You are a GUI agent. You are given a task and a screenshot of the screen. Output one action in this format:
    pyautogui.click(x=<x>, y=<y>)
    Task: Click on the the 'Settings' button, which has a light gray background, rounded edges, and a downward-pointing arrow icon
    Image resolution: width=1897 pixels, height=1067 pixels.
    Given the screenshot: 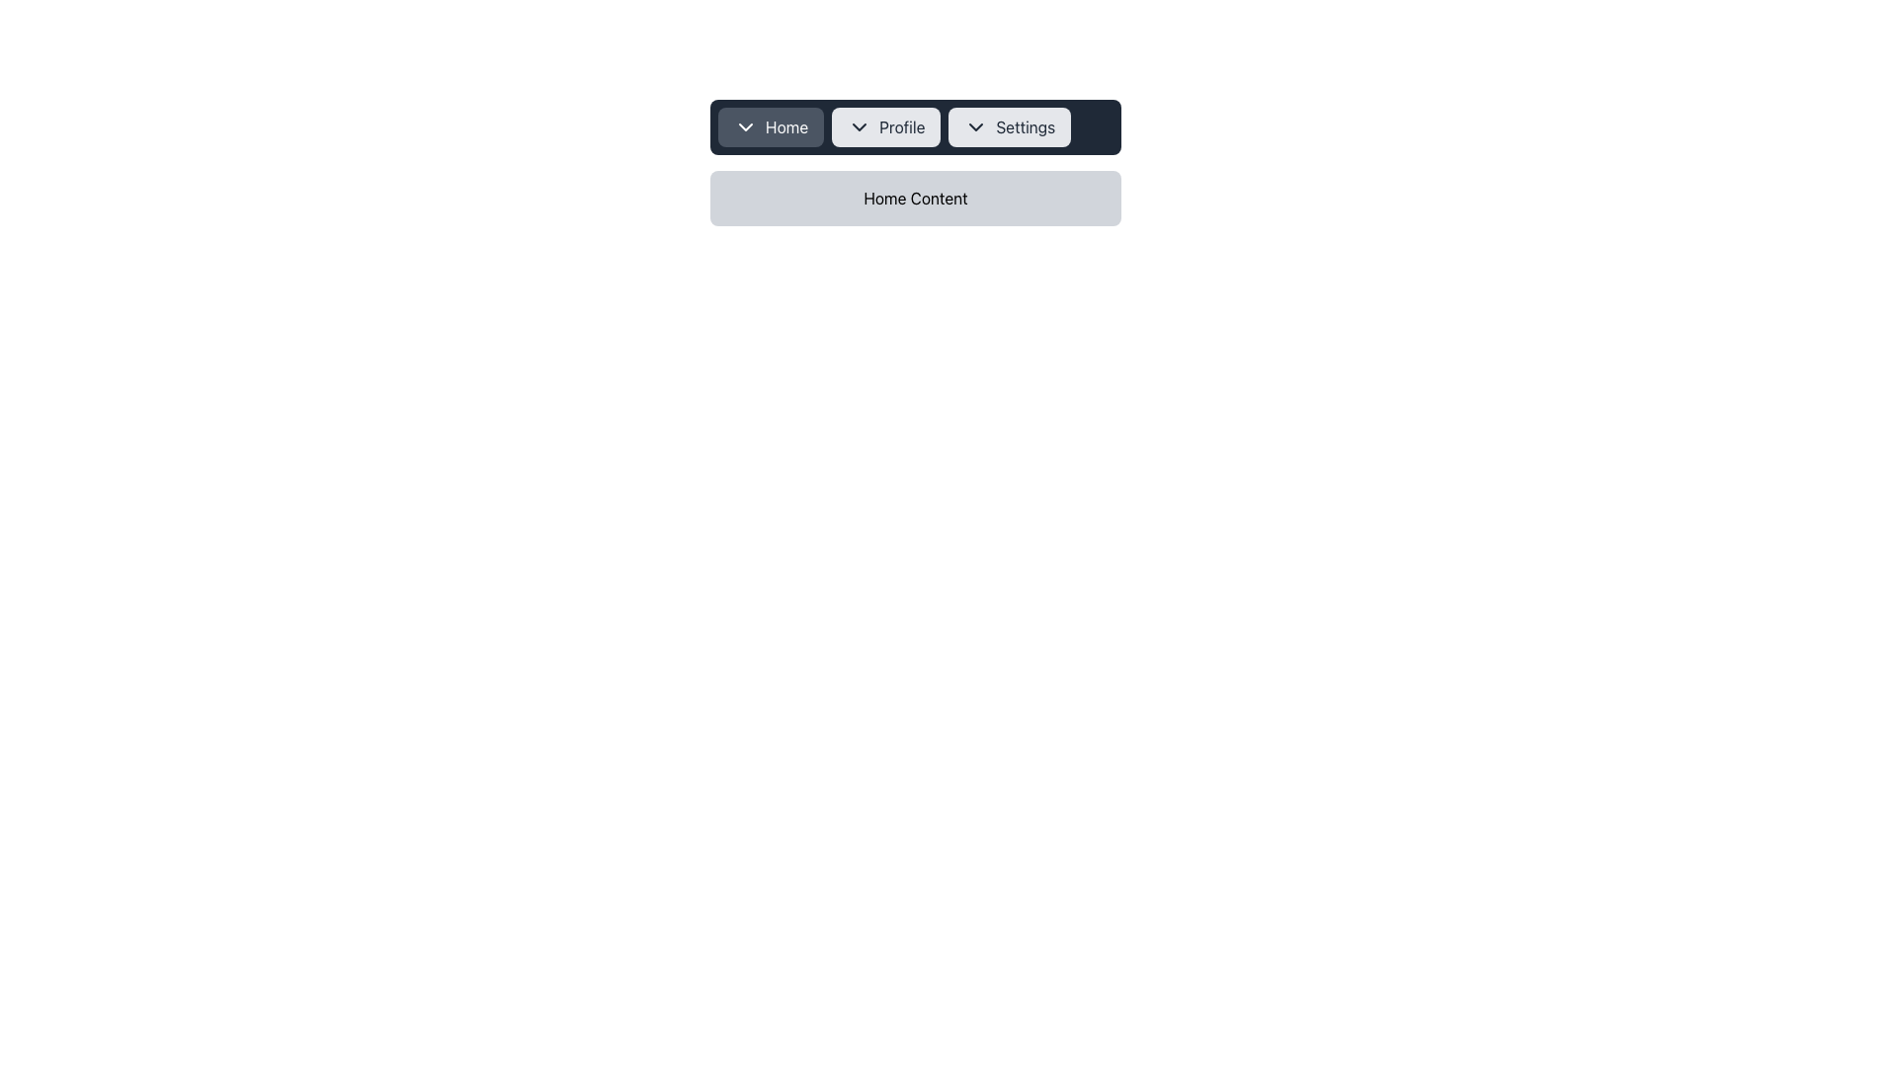 What is the action you would take?
    pyautogui.click(x=1010, y=126)
    